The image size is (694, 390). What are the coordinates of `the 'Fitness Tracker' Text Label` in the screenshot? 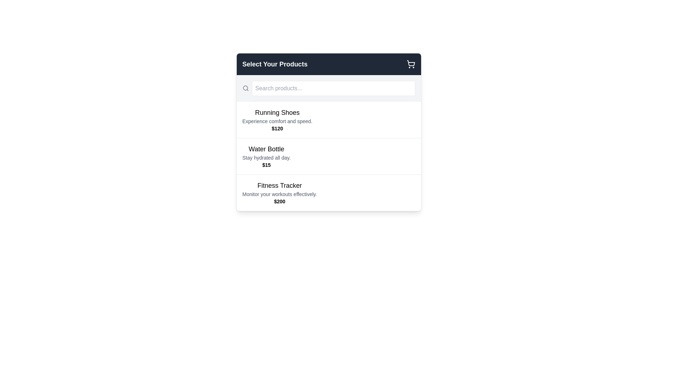 It's located at (279, 185).